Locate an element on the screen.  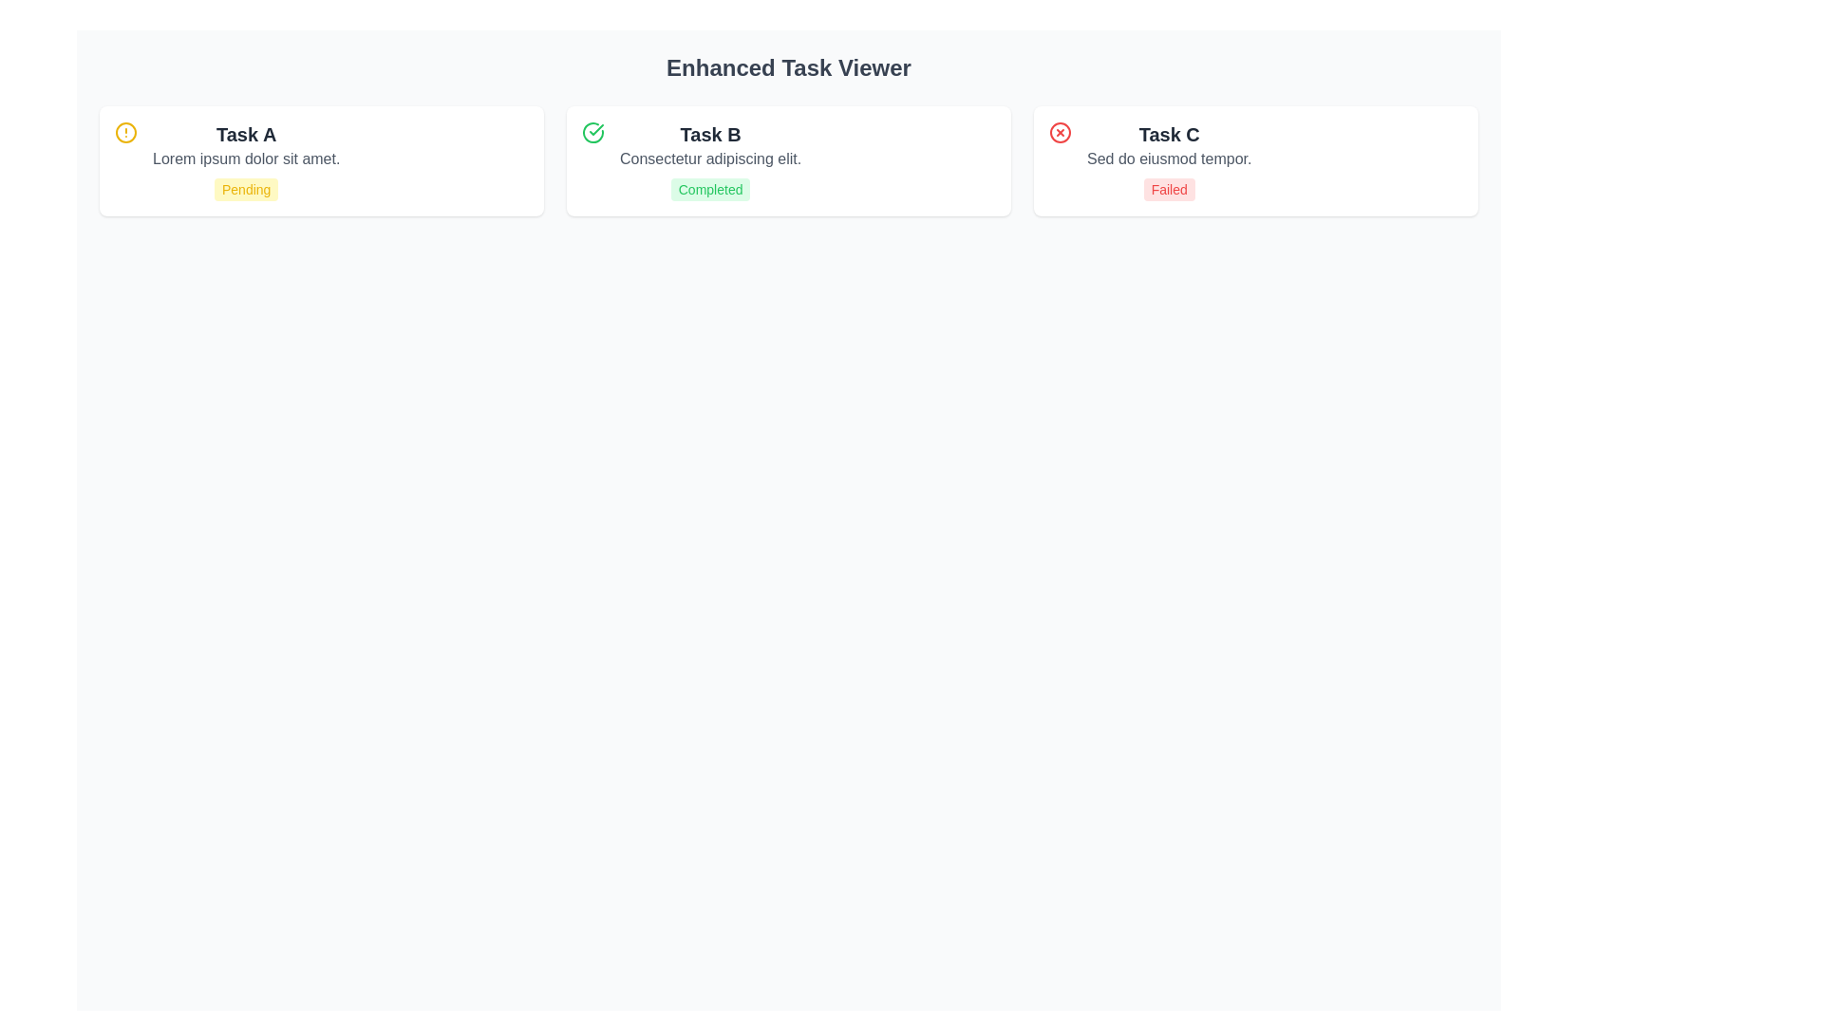
the Status label that displays the completion status of Task B, located at the bottom of the Task B card, beneath the subtitle text is located at coordinates (709, 190).